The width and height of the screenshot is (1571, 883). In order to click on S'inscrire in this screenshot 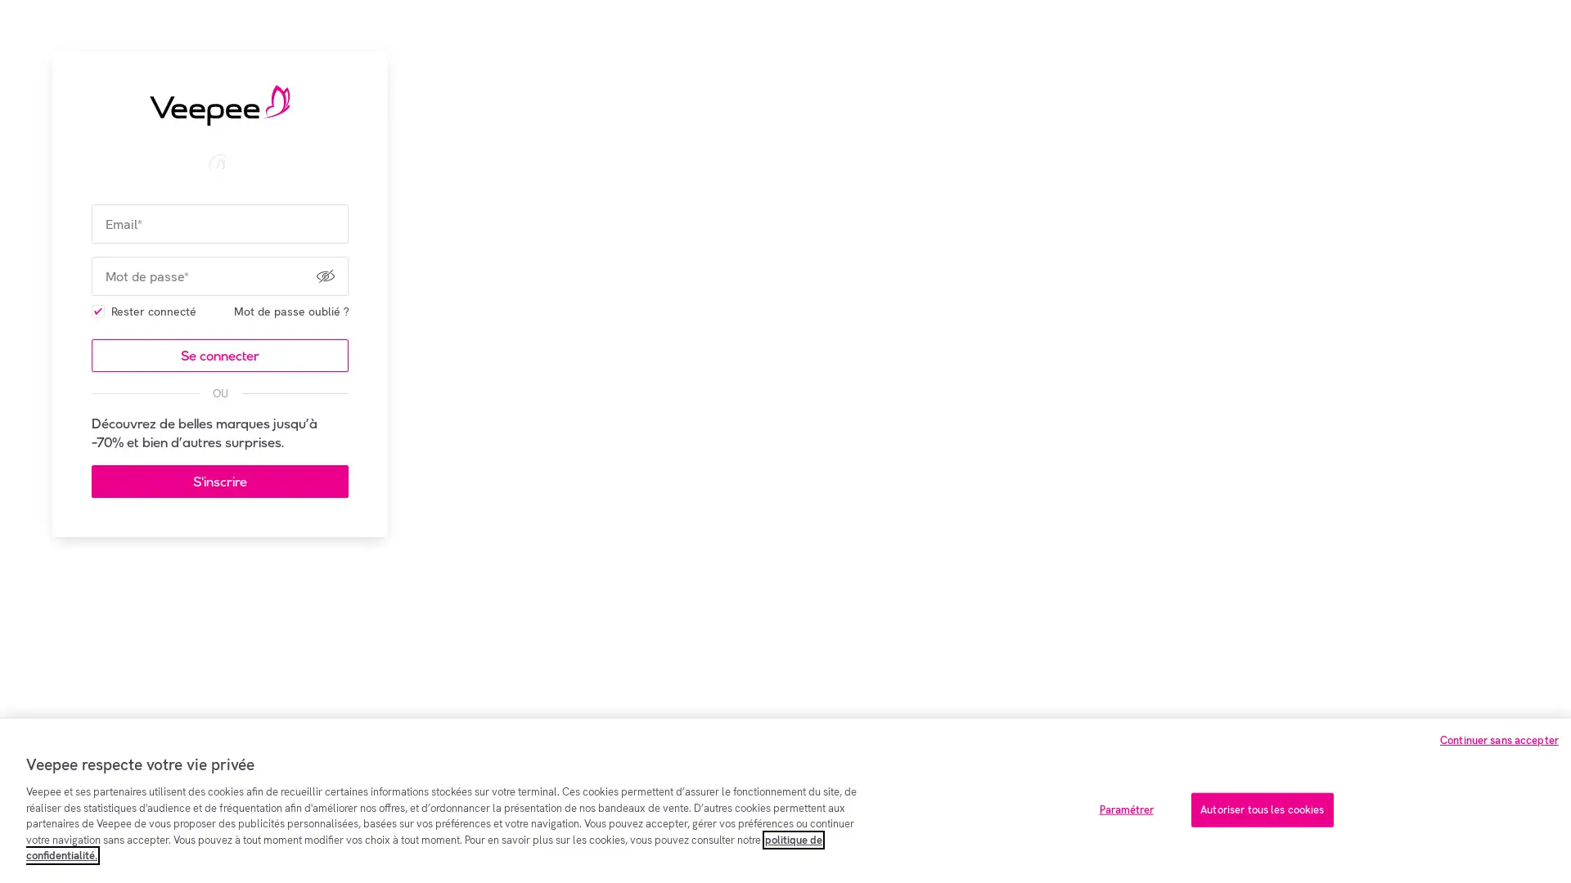, I will do `click(218, 487)`.